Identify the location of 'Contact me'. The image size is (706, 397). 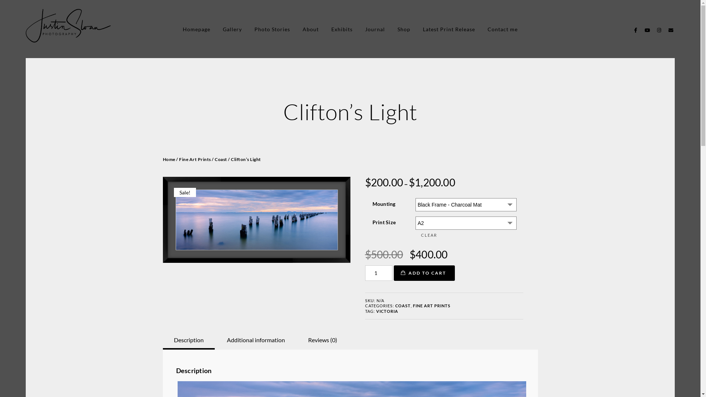
(502, 29).